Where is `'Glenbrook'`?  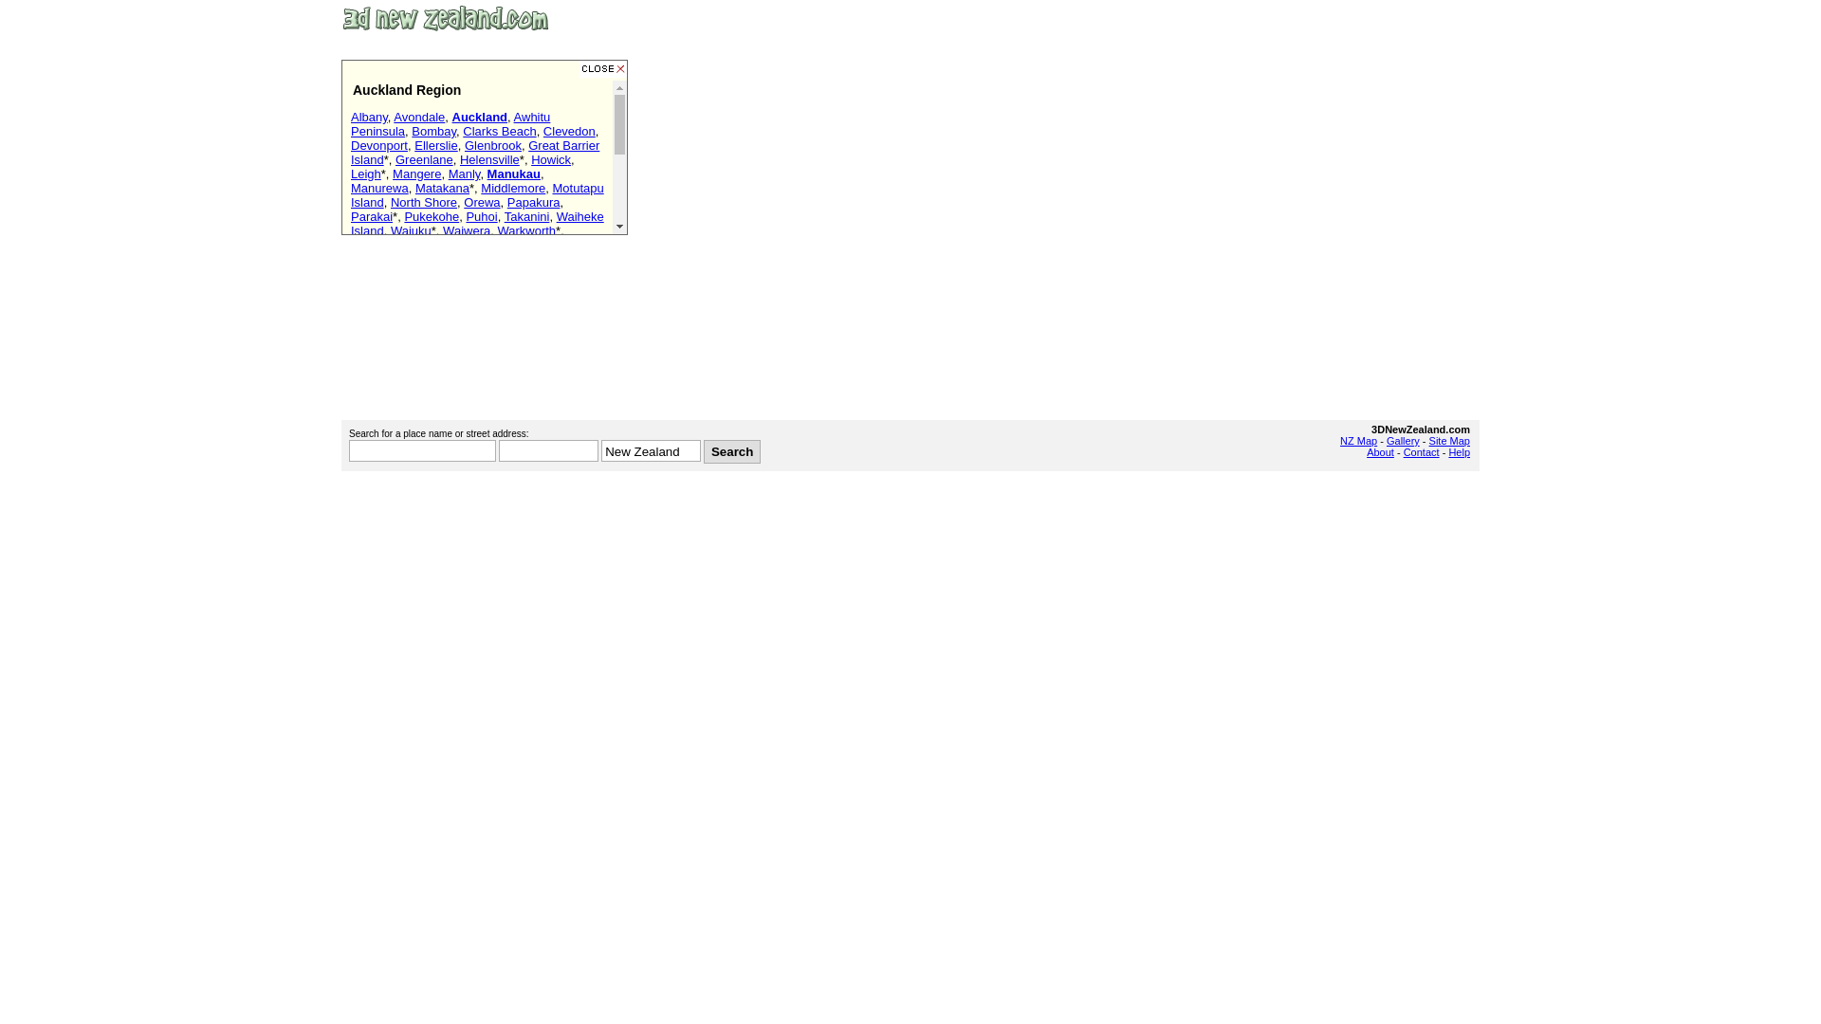 'Glenbrook' is located at coordinates (492, 144).